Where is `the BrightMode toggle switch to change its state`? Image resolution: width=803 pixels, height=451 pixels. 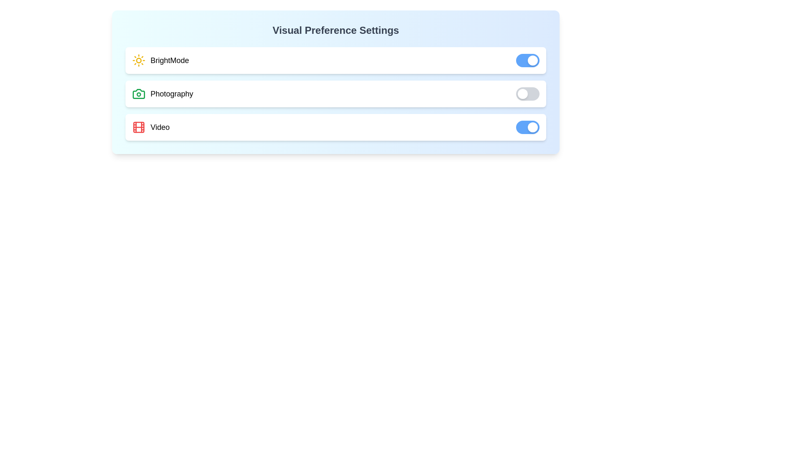
the BrightMode toggle switch to change its state is located at coordinates (527, 60).